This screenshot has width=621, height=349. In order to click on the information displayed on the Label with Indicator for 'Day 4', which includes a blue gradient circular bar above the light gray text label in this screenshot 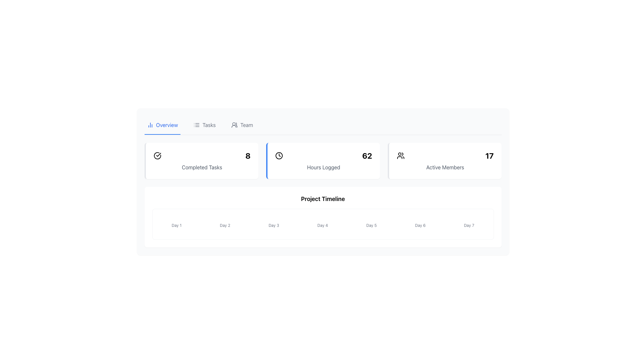, I will do `click(322, 224)`.